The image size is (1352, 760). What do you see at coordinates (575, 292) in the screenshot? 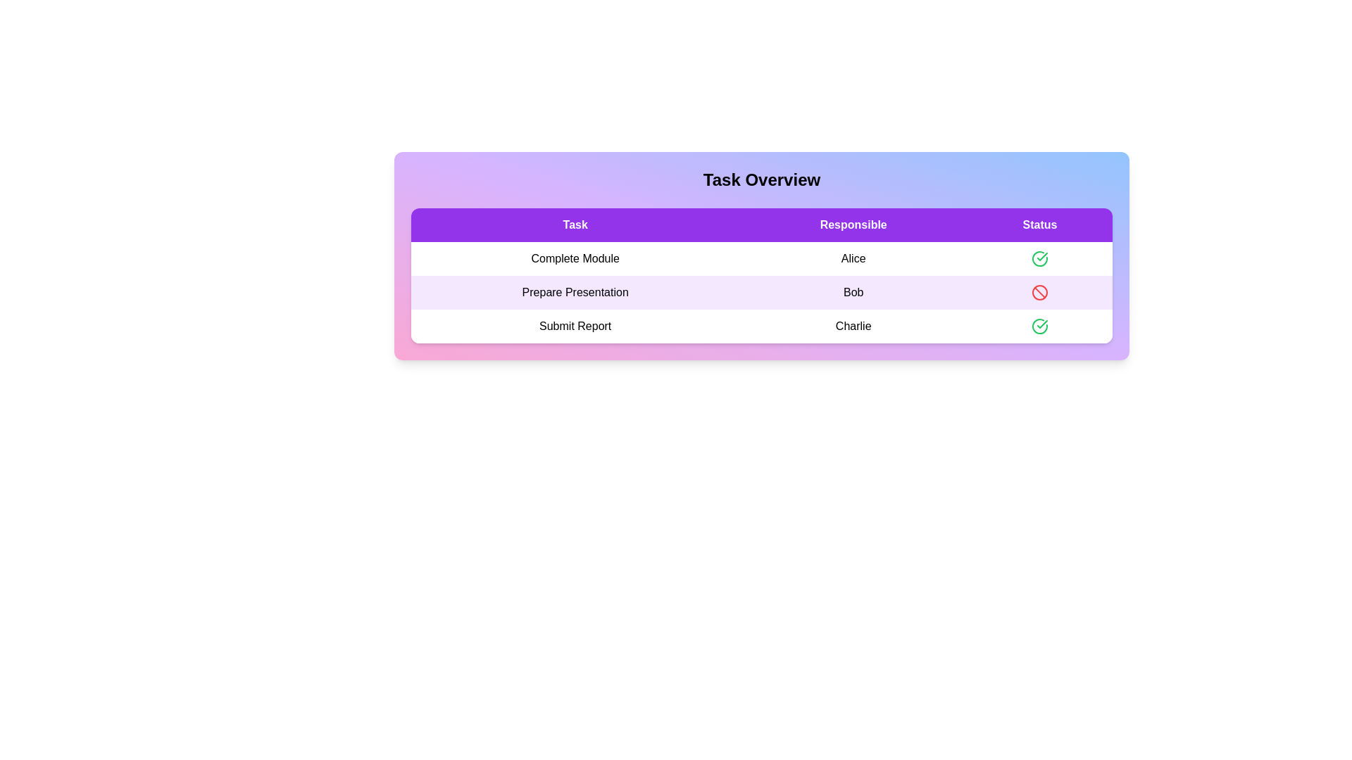
I see `the table cell displaying 'Prepare Presentation', which is center-aligned in a purple-themed cell and located in the second row of the table body` at bounding box center [575, 292].